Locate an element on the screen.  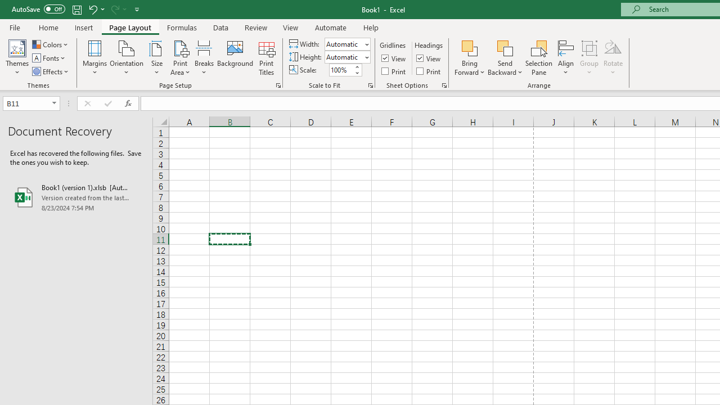
'Book1 (version 1).xlsb  [AutoRecovered]' is located at coordinates (76, 197).